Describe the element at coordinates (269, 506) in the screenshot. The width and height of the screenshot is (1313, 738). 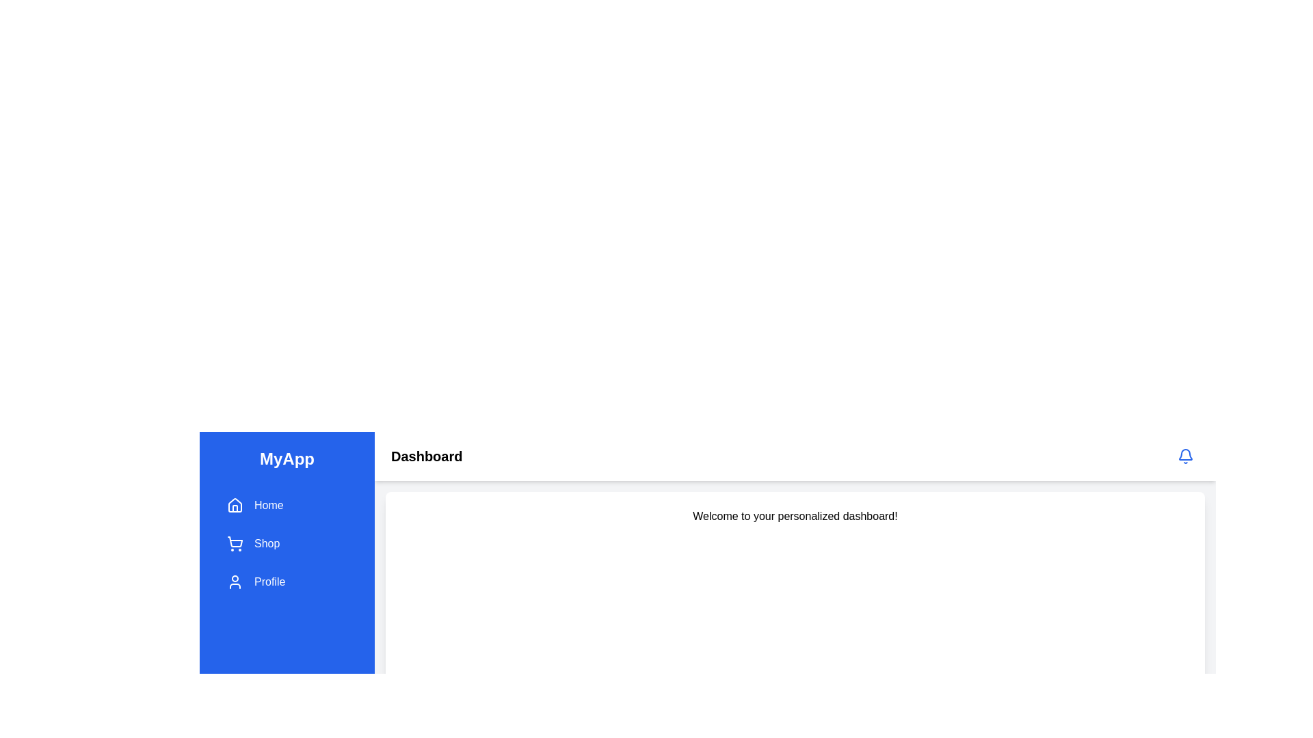
I see `the 'Home' text label in the navigation menu` at that location.